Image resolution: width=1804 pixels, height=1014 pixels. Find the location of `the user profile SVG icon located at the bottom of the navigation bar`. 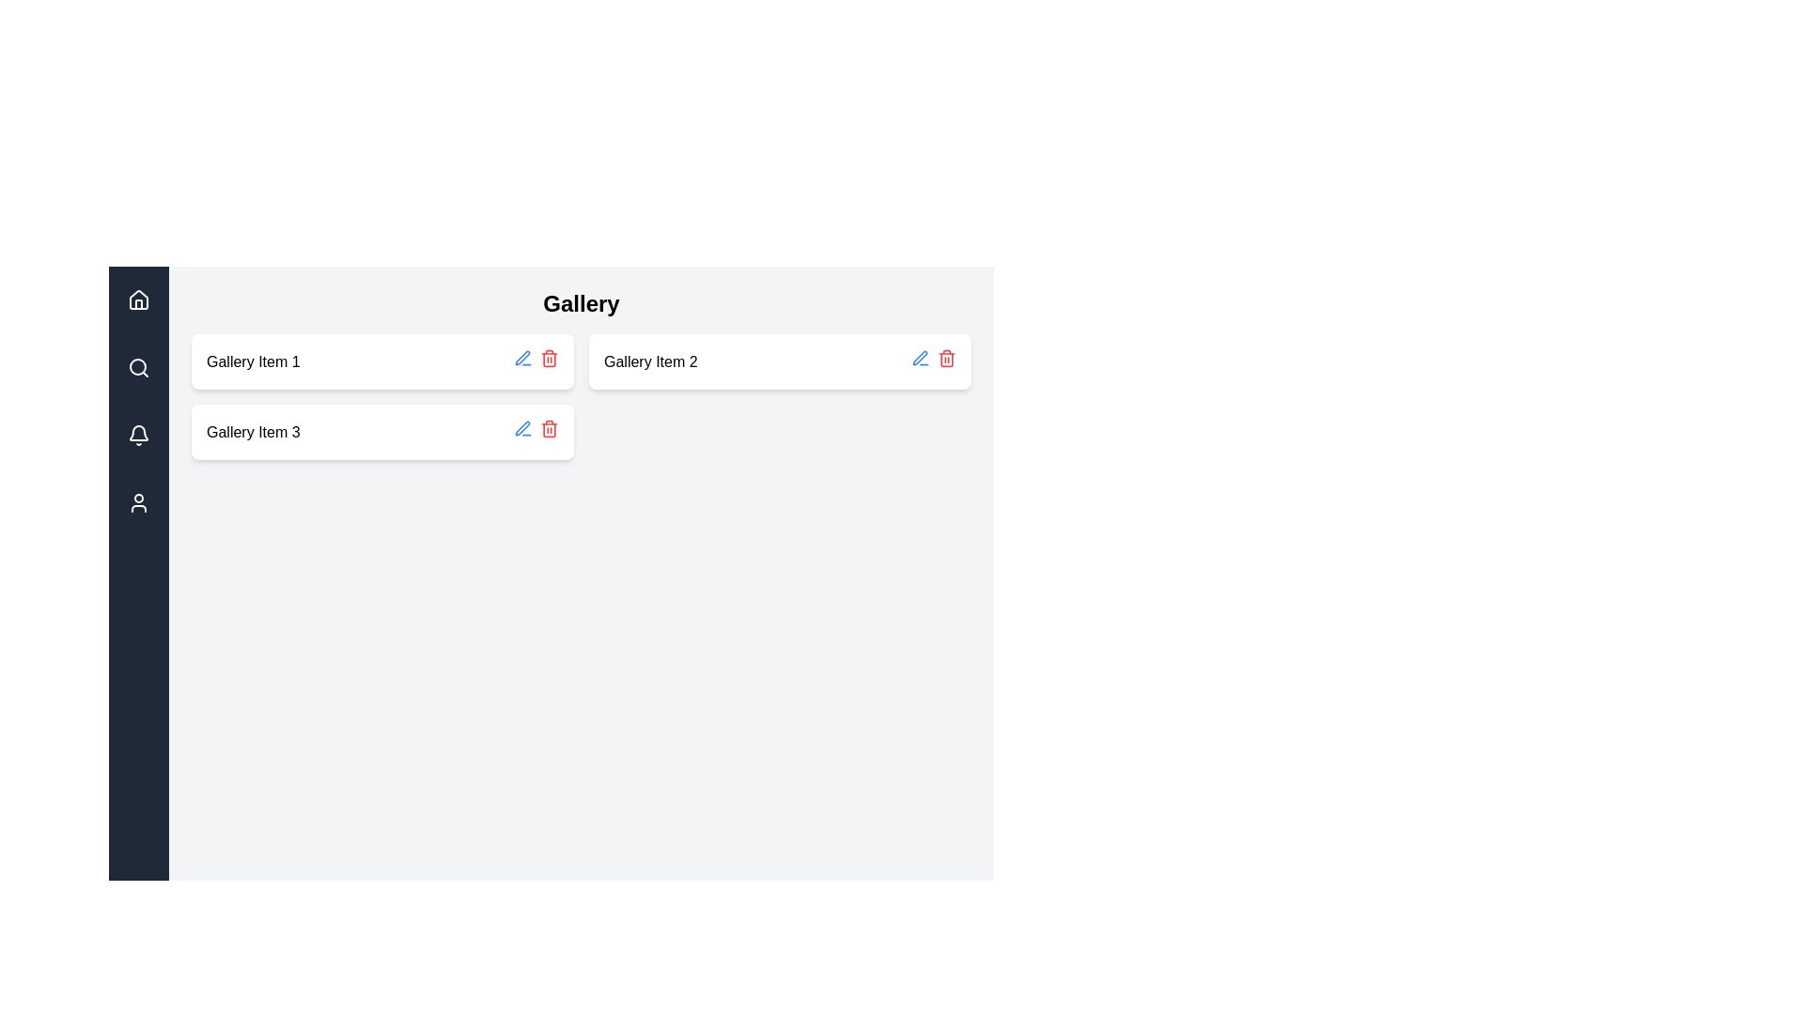

the user profile SVG icon located at the bottom of the navigation bar is located at coordinates (138, 502).